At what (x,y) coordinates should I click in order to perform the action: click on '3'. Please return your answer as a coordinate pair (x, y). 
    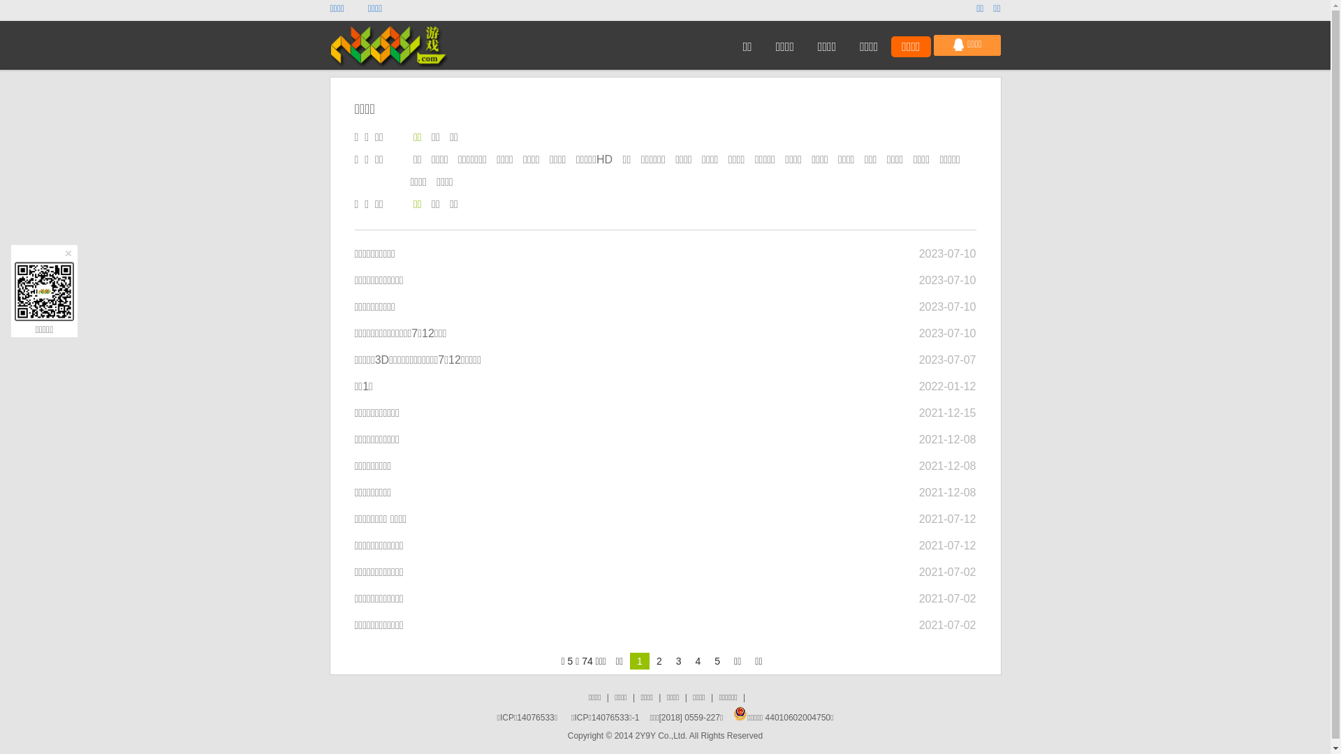
    Looking at the image, I should click on (668, 660).